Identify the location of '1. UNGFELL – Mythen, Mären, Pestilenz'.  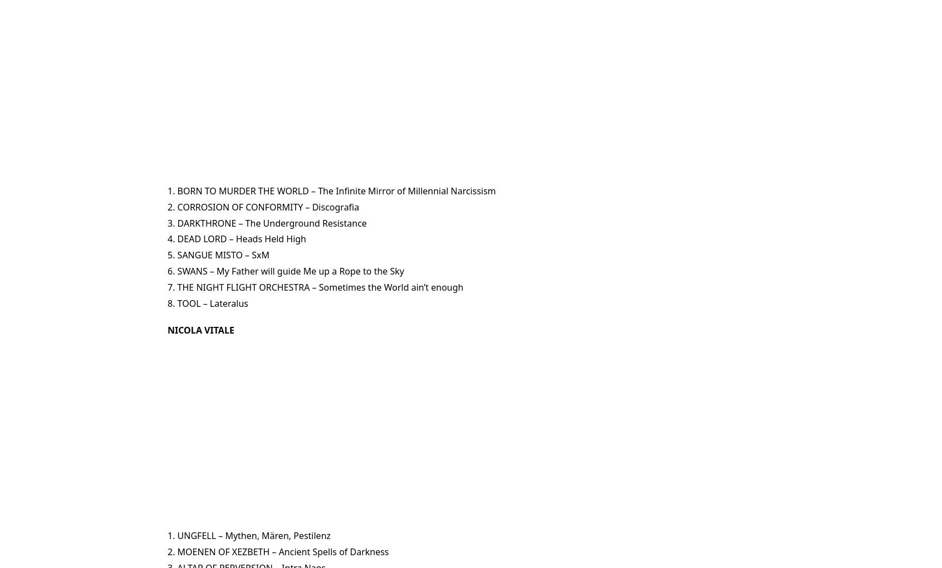
(167, 535).